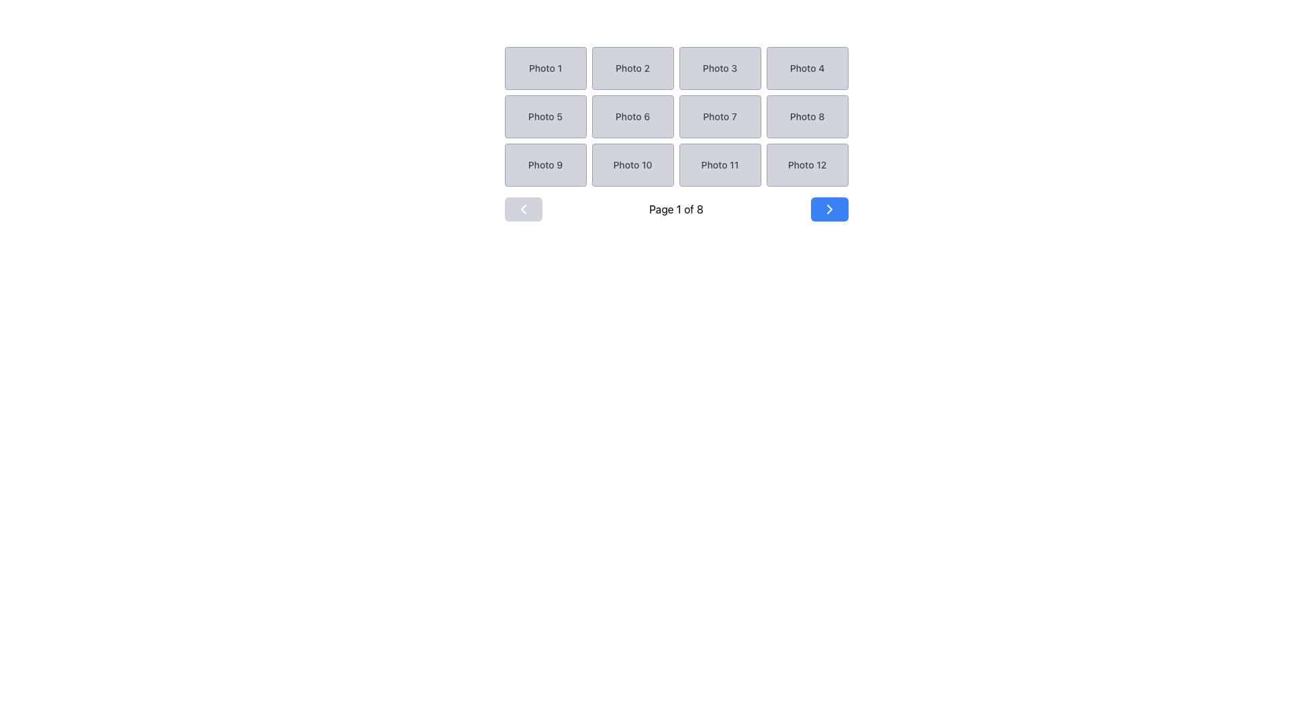  What do you see at coordinates (545, 115) in the screenshot?
I see `the rectangular button with a gray background labeled 'Photo 5'` at bounding box center [545, 115].